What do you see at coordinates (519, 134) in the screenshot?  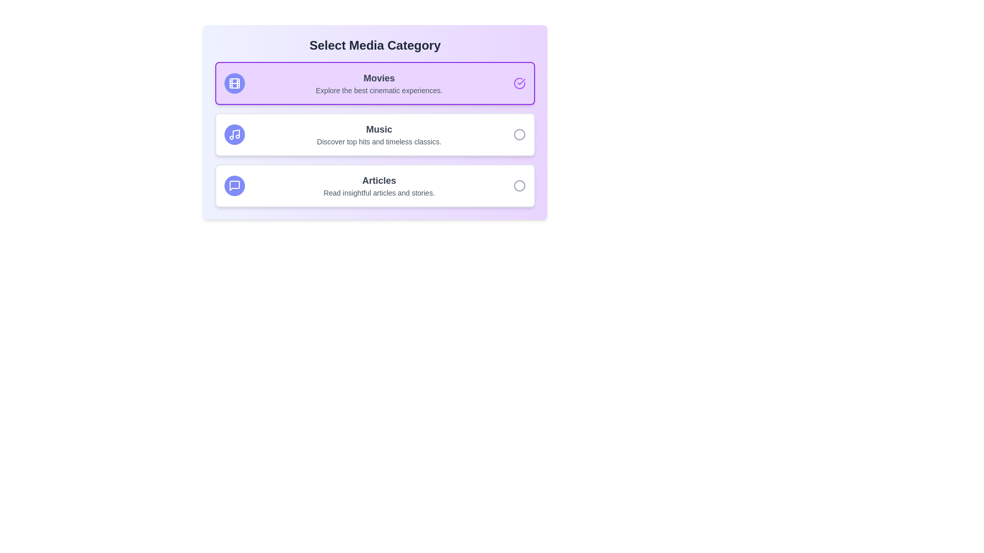 I see `the radio button for the 'Music' category, which is the second option's selector element in the list, positioned on the same row as the 'Music' label and the description 'Discover top hits and timeless classics.'` at bounding box center [519, 134].